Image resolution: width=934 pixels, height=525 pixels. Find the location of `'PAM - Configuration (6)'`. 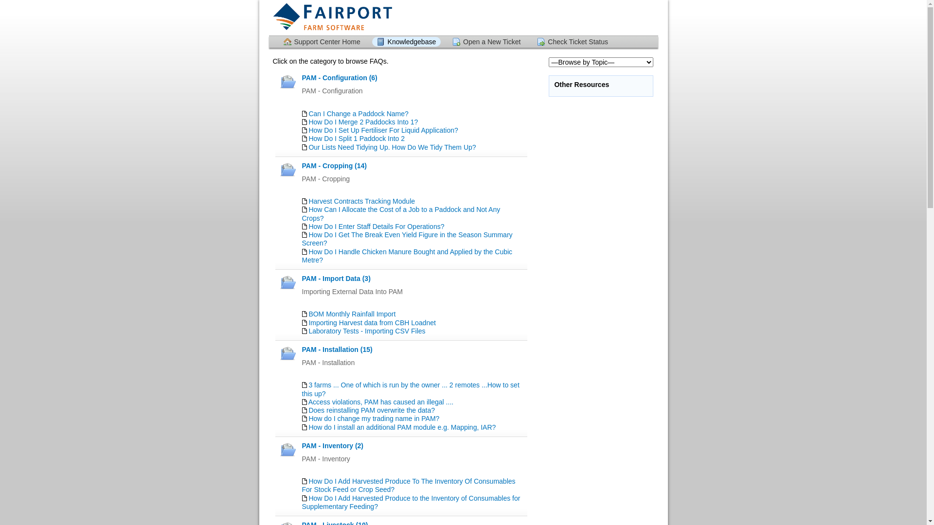

'PAM - Configuration (6)' is located at coordinates (301, 77).